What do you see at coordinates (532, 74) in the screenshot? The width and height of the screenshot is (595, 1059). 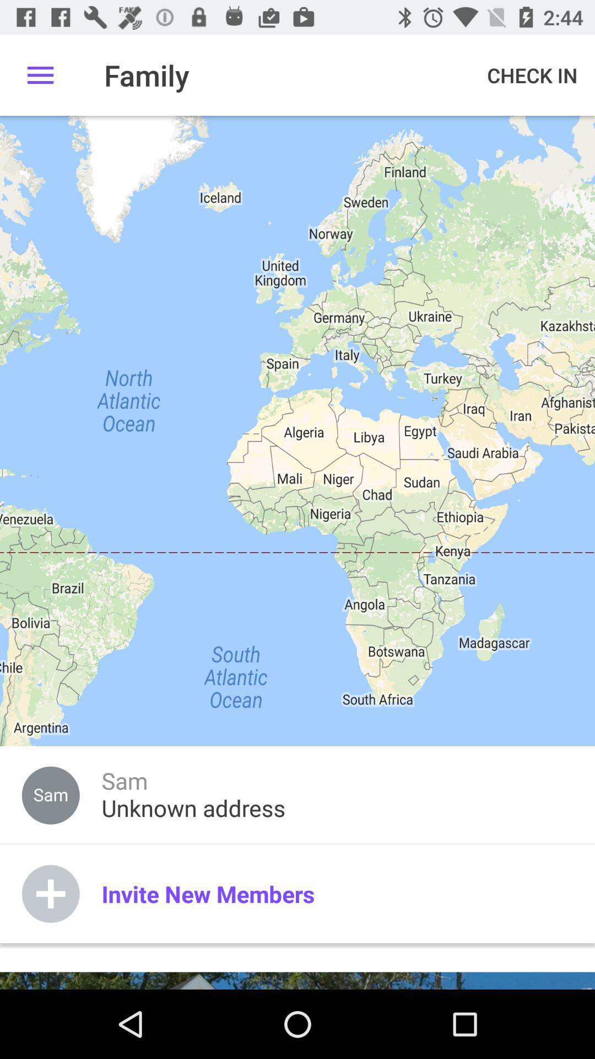 I see `the check in at the top right corner` at bounding box center [532, 74].